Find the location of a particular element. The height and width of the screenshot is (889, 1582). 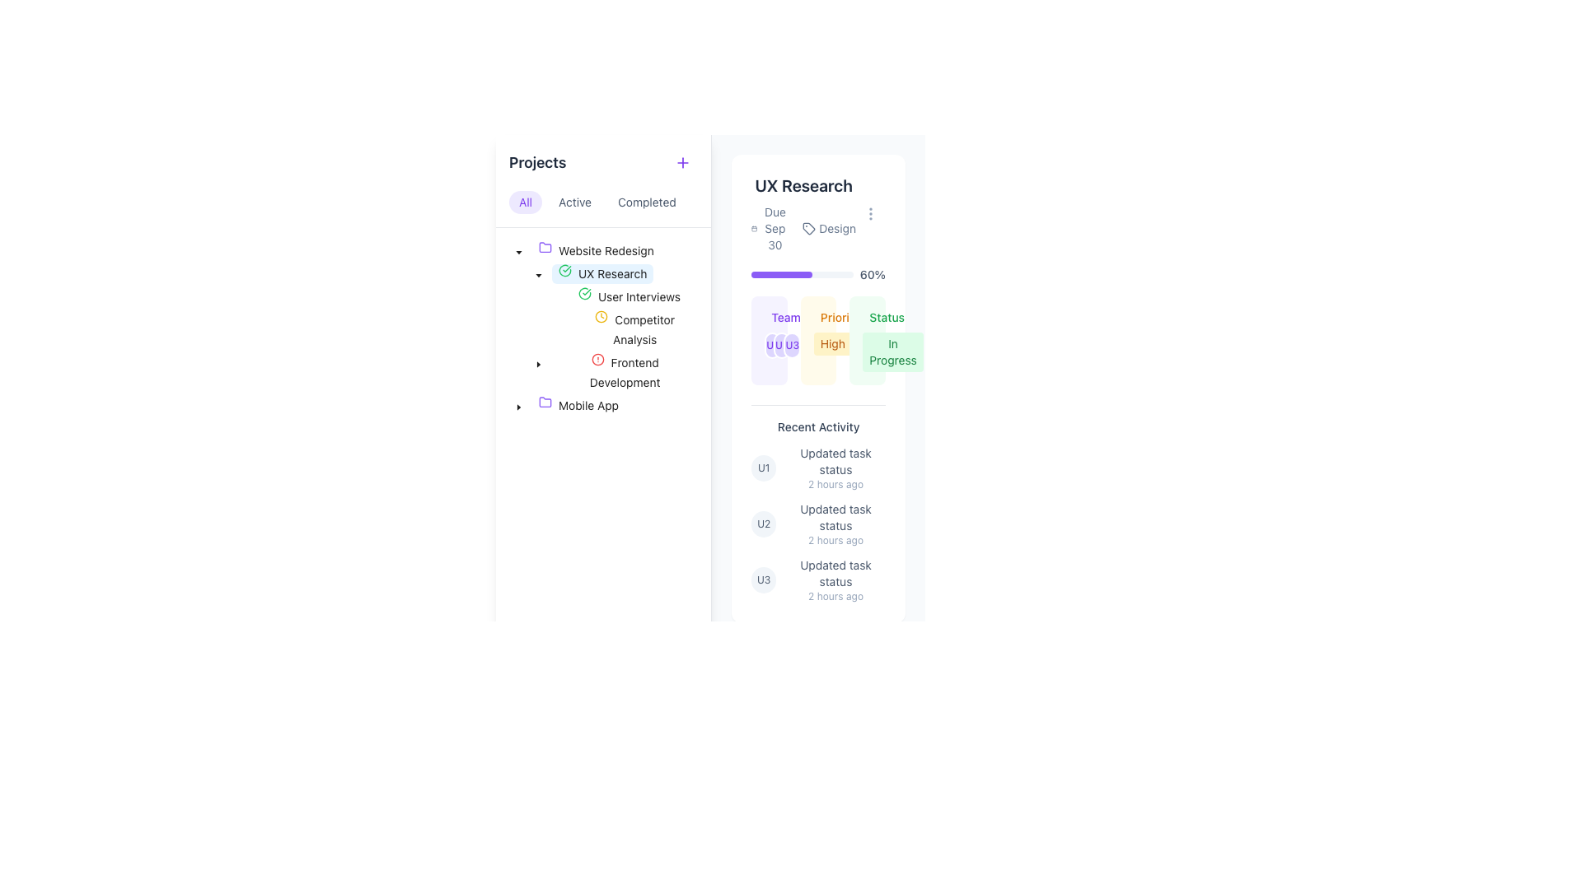

the circular avatar representation labeled 'U3' is located at coordinates (763, 579).